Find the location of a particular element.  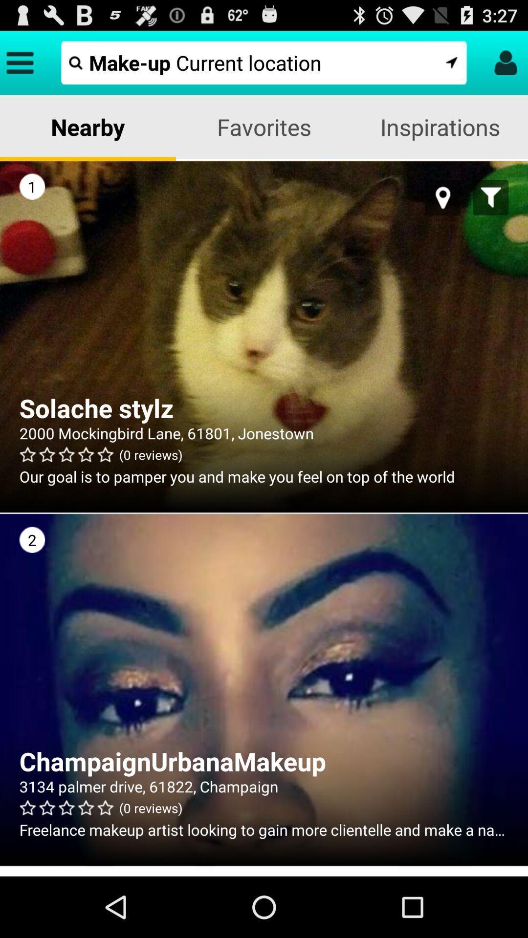

our goal is is located at coordinates (264, 476).